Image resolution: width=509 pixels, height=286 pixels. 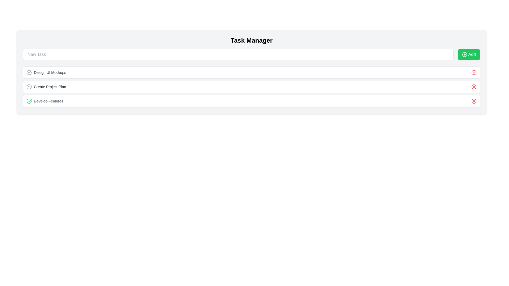 What do you see at coordinates (45, 101) in the screenshot?
I see `the text label 'Develop Features' with a strikethrough decoration and a green circular check icon to invoke its action` at bounding box center [45, 101].